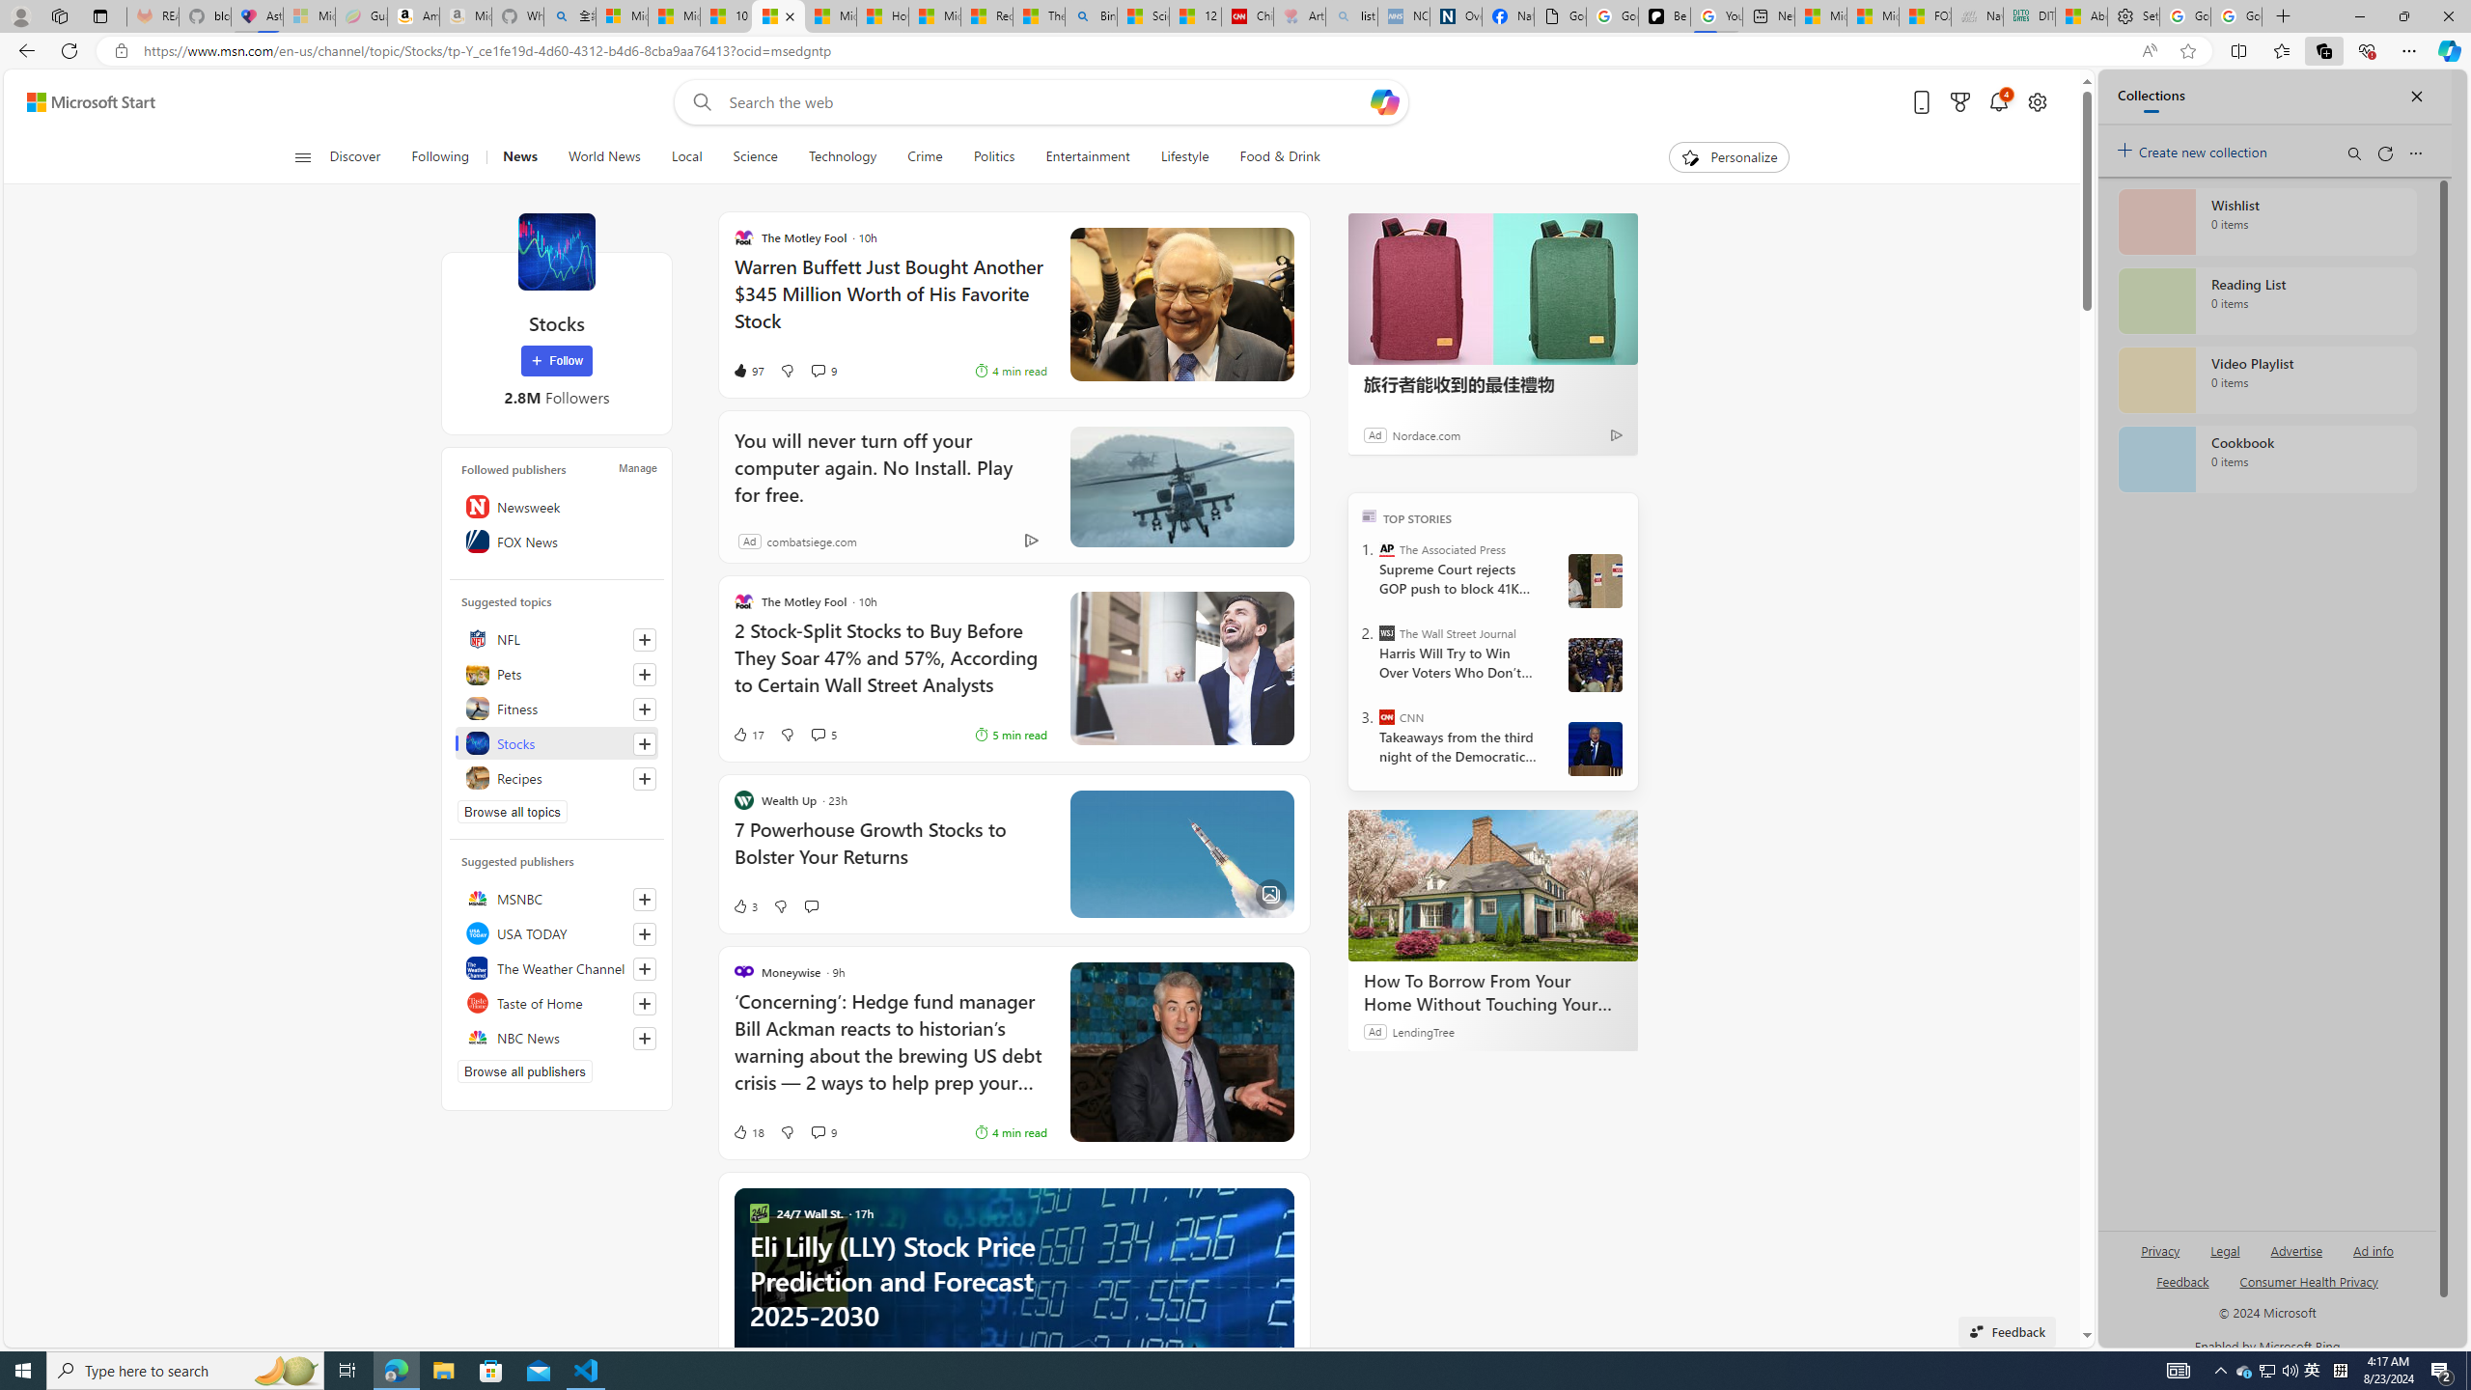  Describe the element at coordinates (555, 506) in the screenshot. I see `'Newsweek'` at that location.